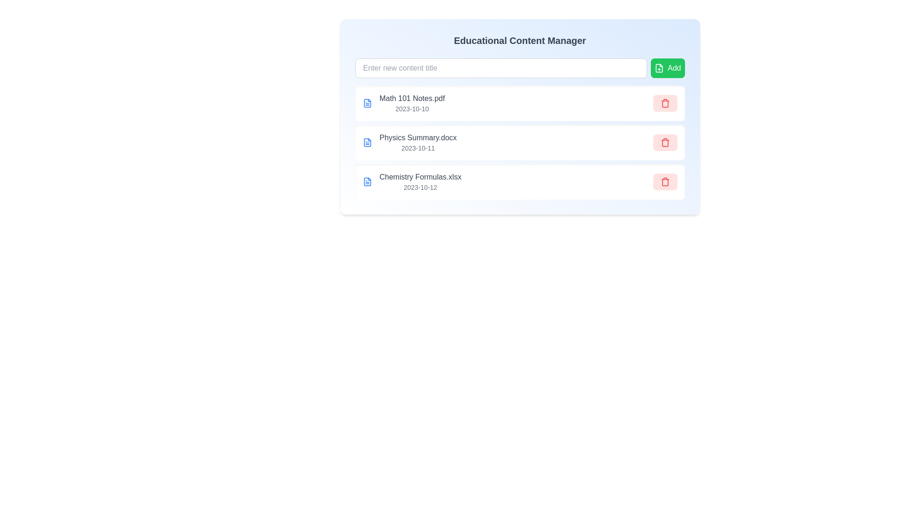 Image resolution: width=899 pixels, height=505 pixels. Describe the element at coordinates (674, 68) in the screenshot. I see `the 'Add' text label within the green button located in the top-right corner of the toolbar to initiate the adding functionality` at that location.